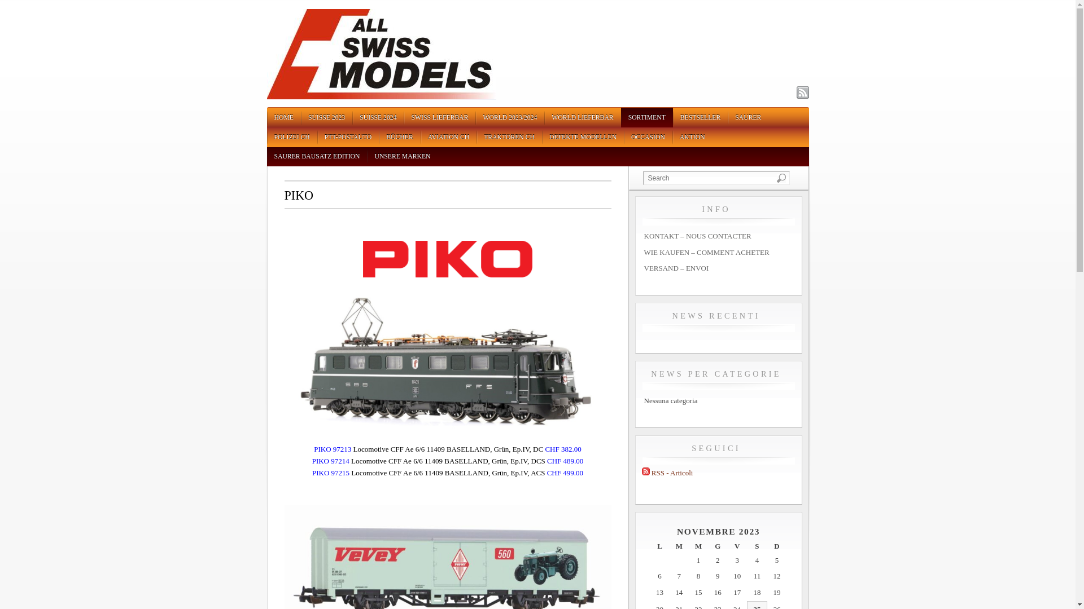  What do you see at coordinates (448, 136) in the screenshot?
I see `'AVIATION CH'` at bounding box center [448, 136].